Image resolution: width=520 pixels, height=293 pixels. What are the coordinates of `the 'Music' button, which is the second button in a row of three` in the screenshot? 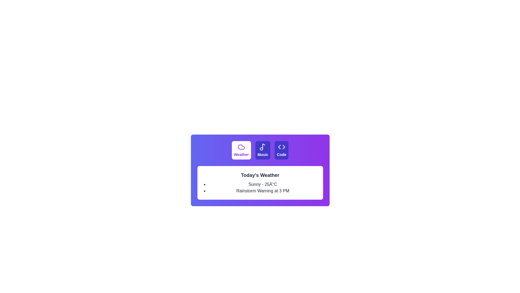 It's located at (263, 150).